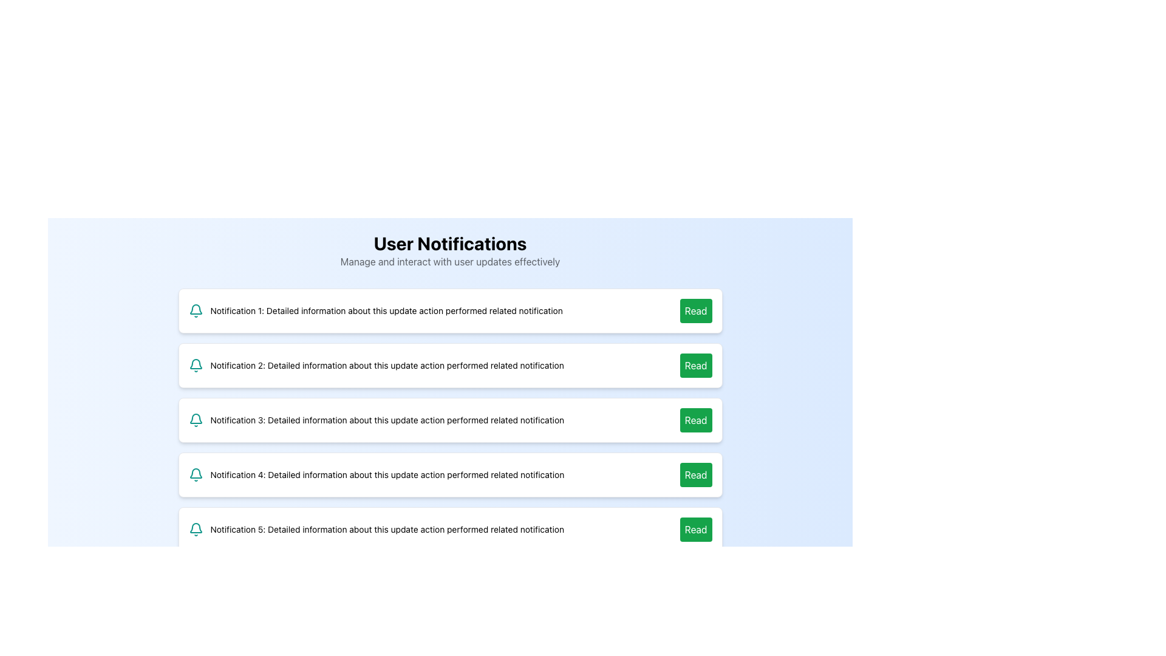  Describe the element at coordinates (449, 364) in the screenshot. I see `the second notification list item, which displays a specific notification and includes a 'Read' button for further actions` at that location.